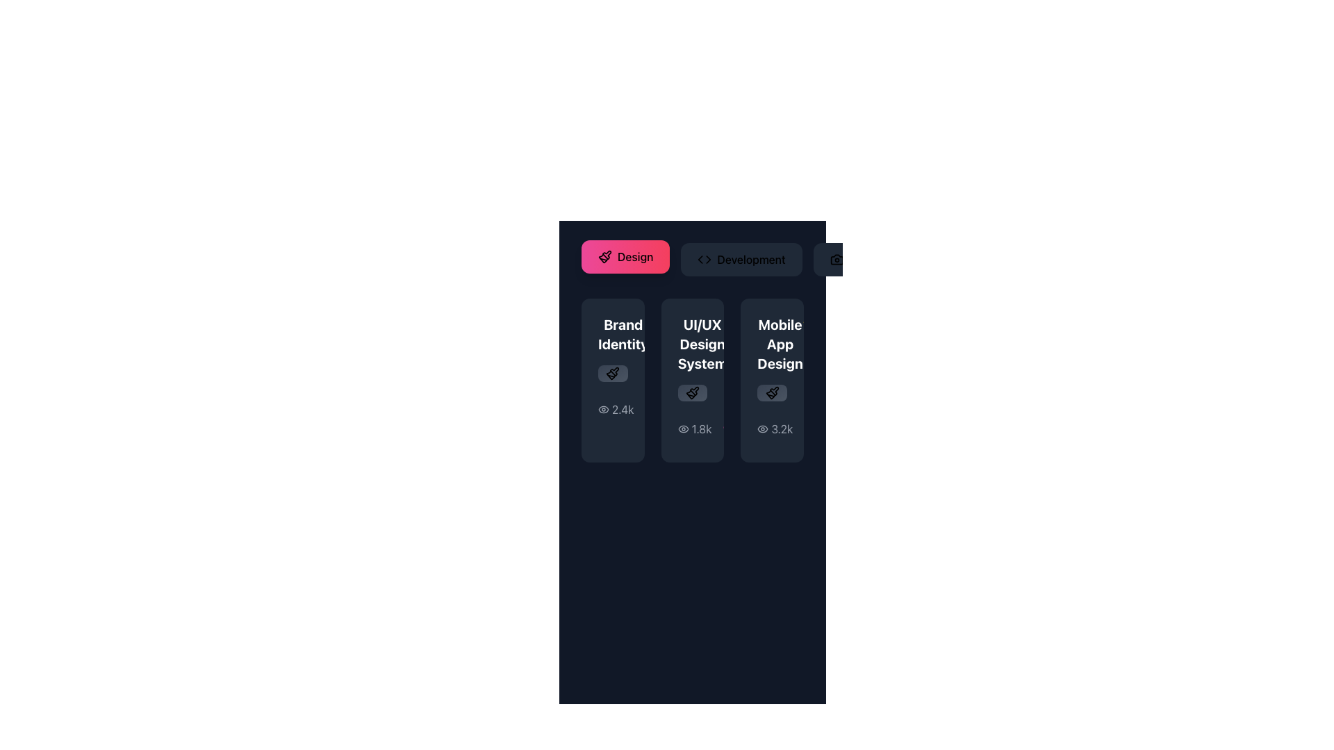  Describe the element at coordinates (623, 335) in the screenshot. I see `the bold, white text label 'Brand Identity' displayed prominently at the top of the leftmost card in a group of horizontally-aligned cards` at that location.